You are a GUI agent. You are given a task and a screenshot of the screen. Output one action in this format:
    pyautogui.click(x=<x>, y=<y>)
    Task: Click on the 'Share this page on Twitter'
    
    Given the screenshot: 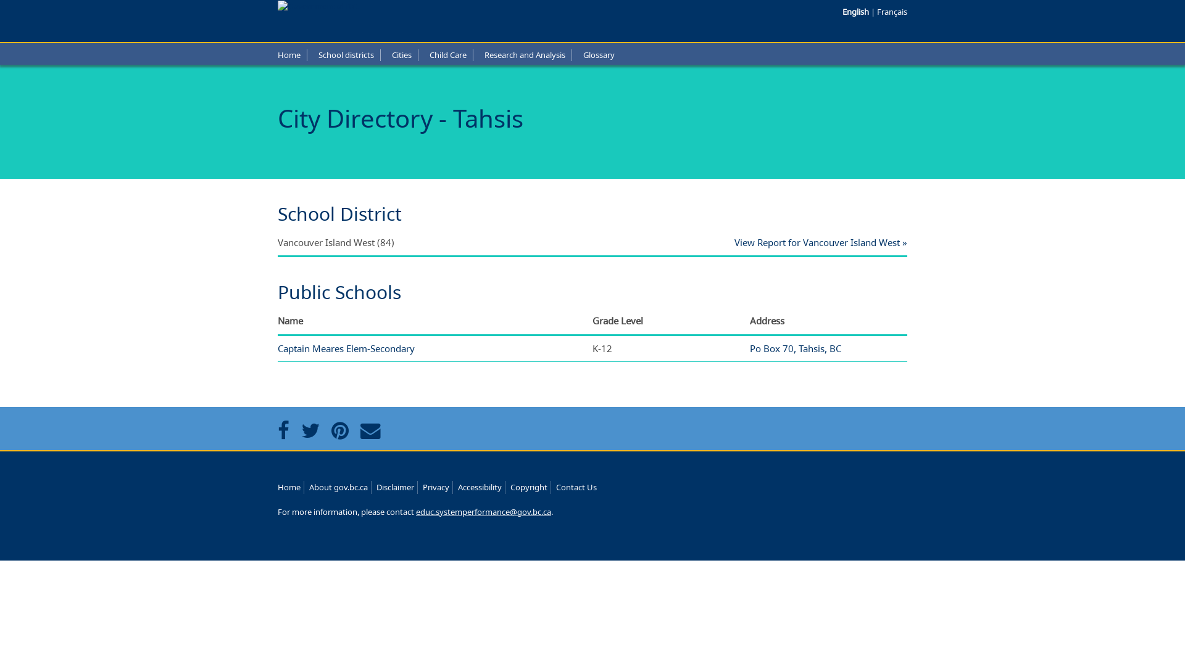 What is the action you would take?
    pyautogui.click(x=301, y=429)
    